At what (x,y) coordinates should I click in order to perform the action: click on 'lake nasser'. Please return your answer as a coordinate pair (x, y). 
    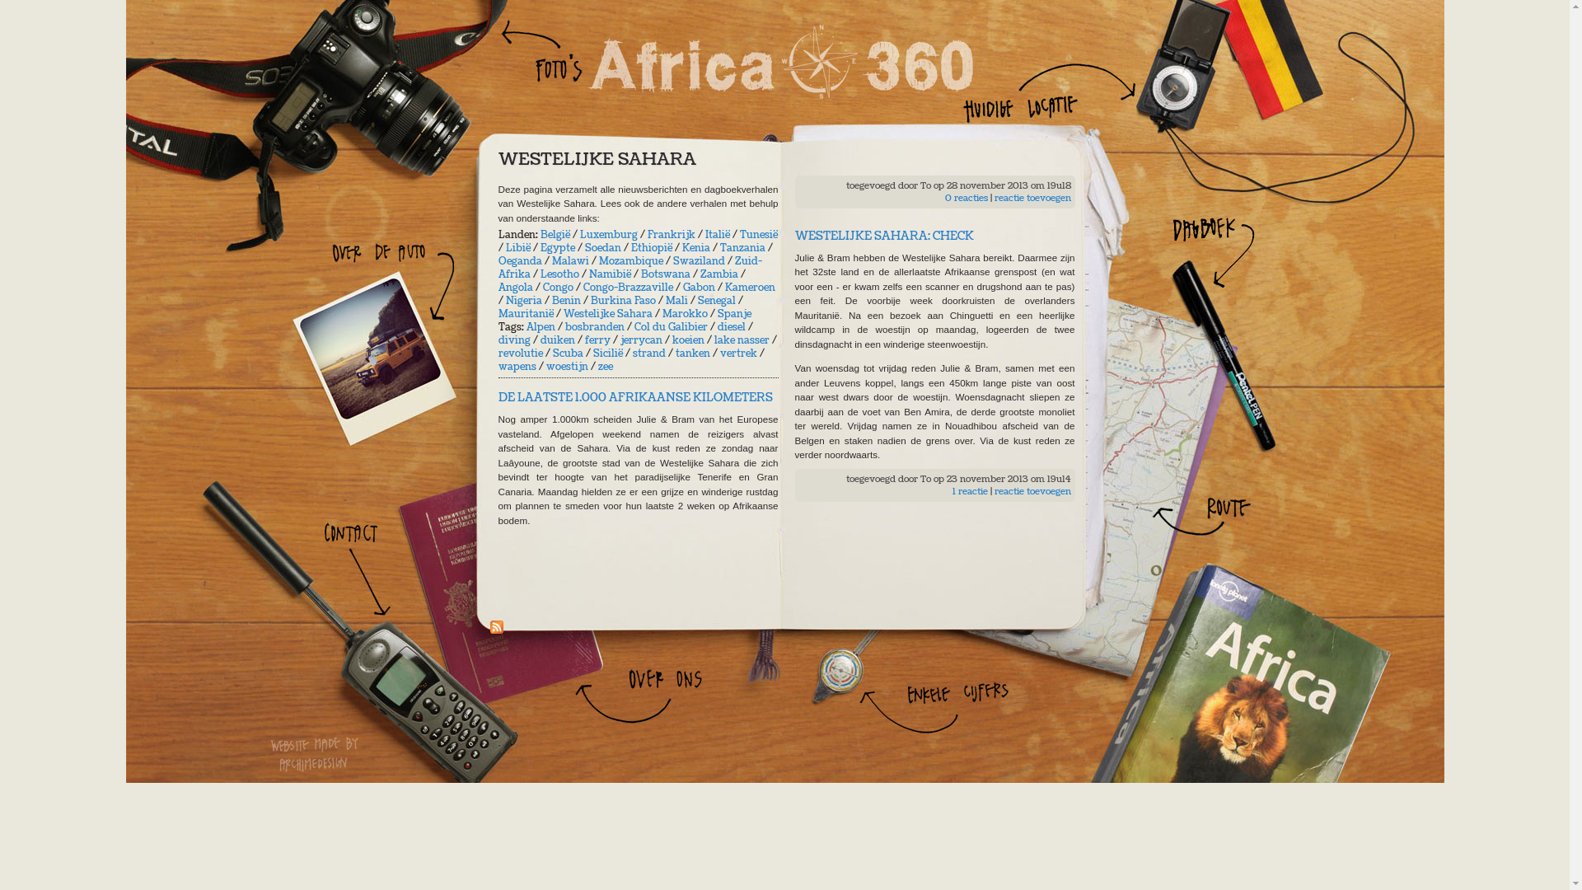
    Looking at the image, I should click on (713, 339).